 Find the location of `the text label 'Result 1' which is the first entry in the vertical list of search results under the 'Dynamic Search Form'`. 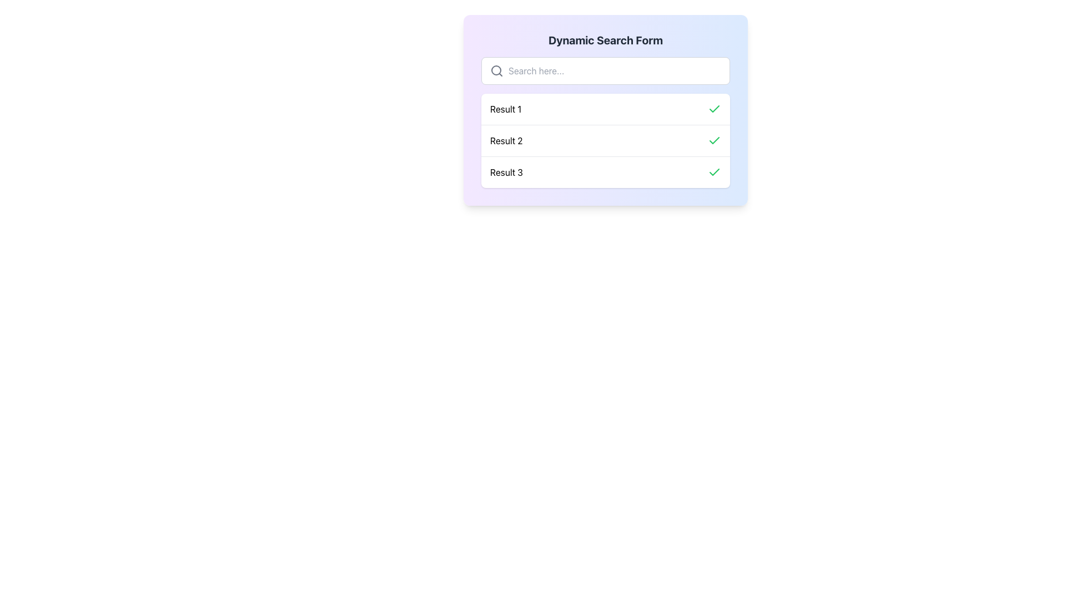

the text label 'Result 1' which is the first entry in the vertical list of search results under the 'Dynamic Search Form' is located at coordinates (505, 109).